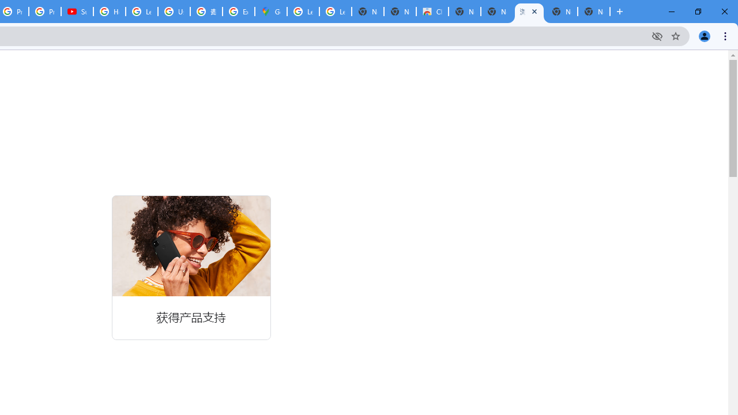  What do you see at coordinates (432, 12) in the screenshot?
I see `'Chrome Web Store'` at bounding box center [432, 12].